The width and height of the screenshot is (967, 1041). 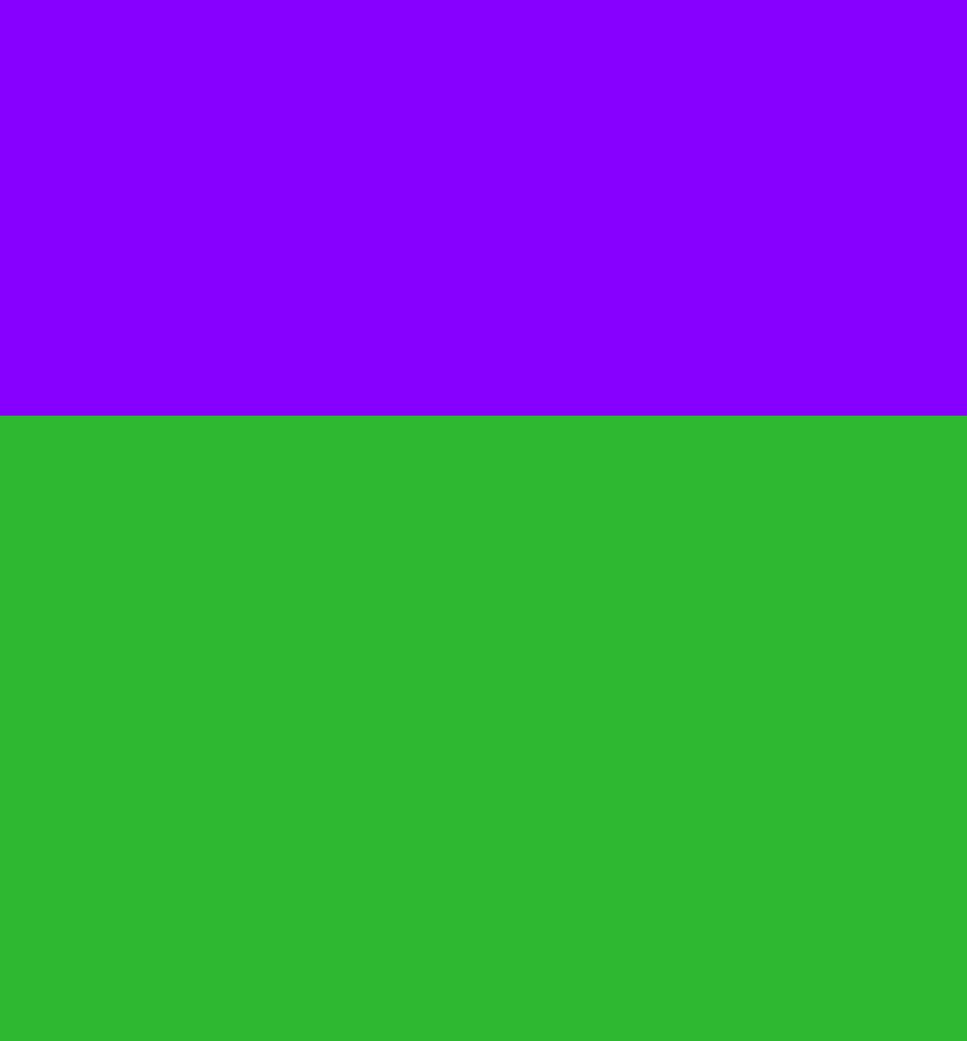 What do you see at coordinates (508, 133) in the screenshot?
I see `'If you aren’t fully leveraging a private network, then it might be time to talk to CG about how we’ve helped major UK organisations to manage more sites securely and meet the demand for applications and cloud-based services.'` at bounding box center [508, 133].